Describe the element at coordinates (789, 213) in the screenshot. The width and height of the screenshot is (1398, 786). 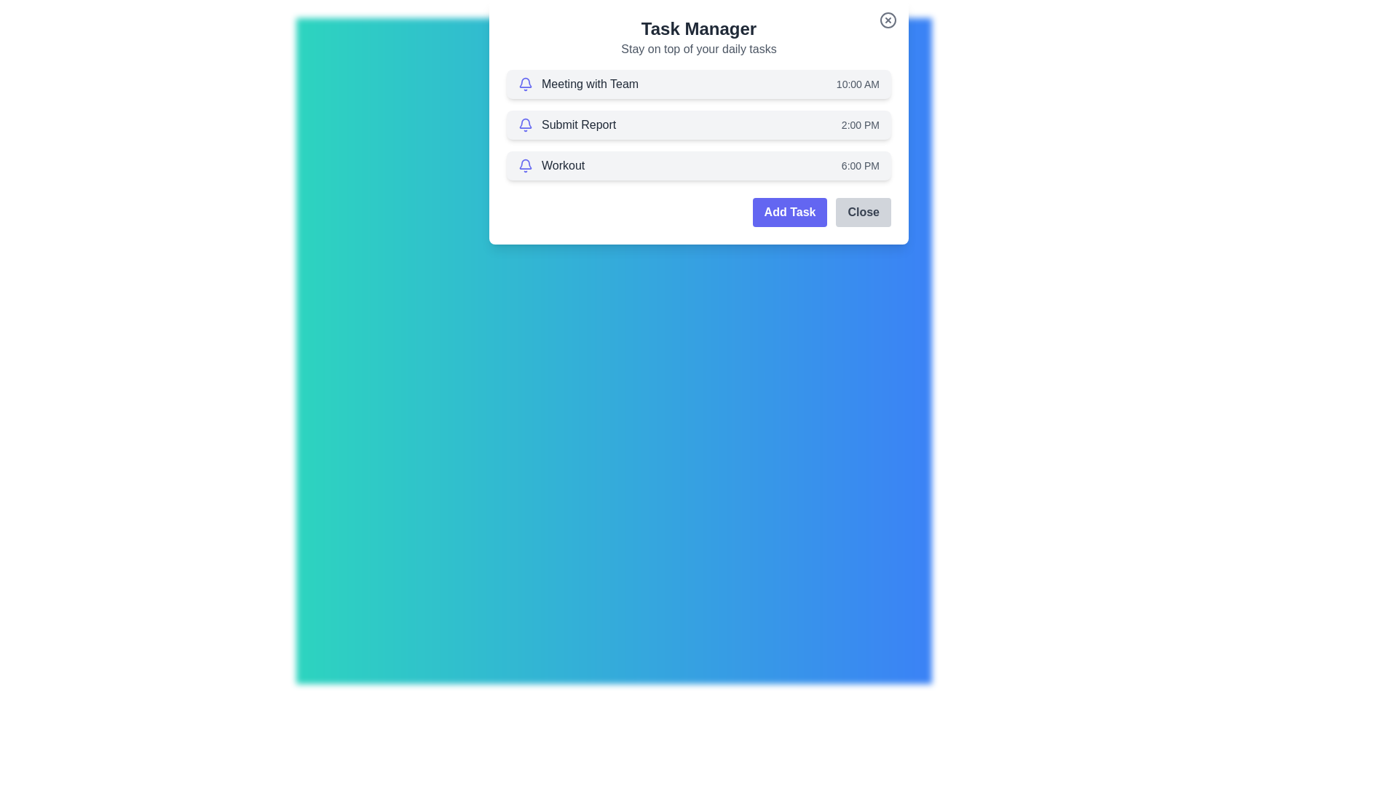
I see `the button with rounded corners that has a vibrant indigo-blue background and white bold text reading 'Add Task'` at that location.